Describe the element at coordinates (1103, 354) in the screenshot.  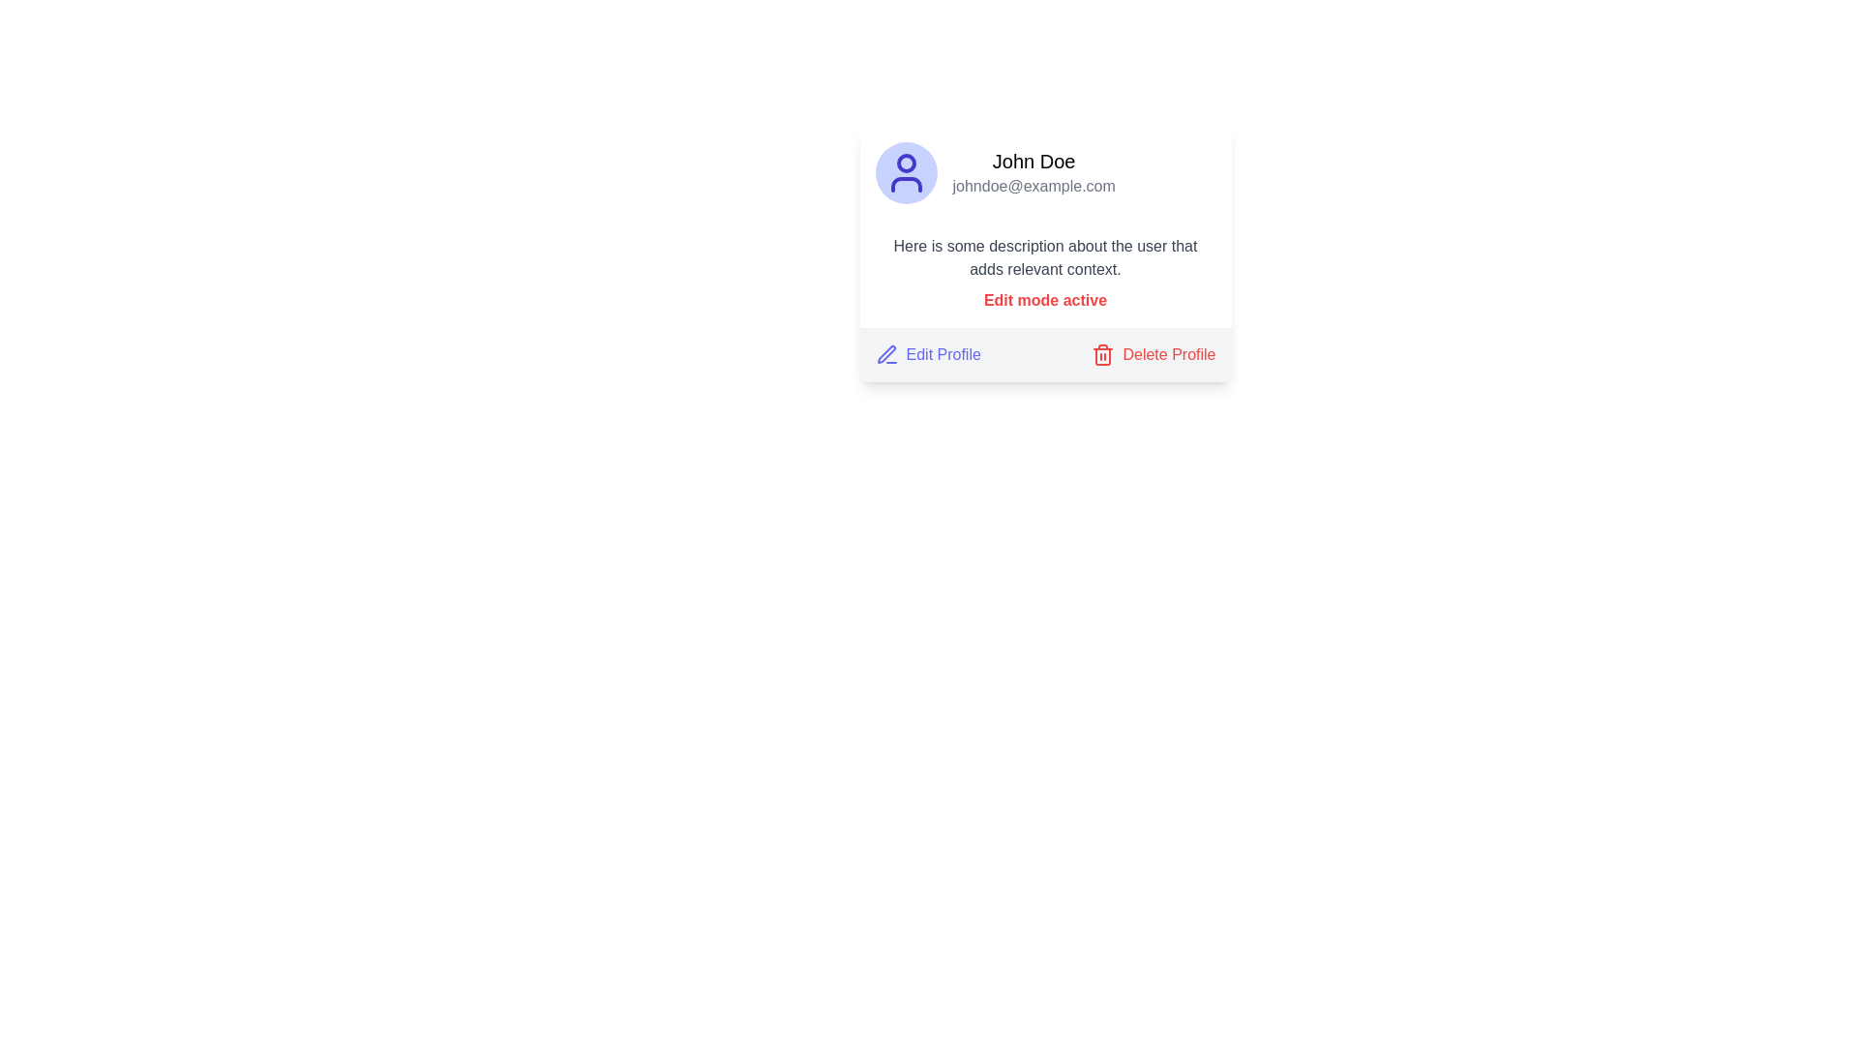
I see `the trash can icon next to the 'Delete Profile' text` at that location.